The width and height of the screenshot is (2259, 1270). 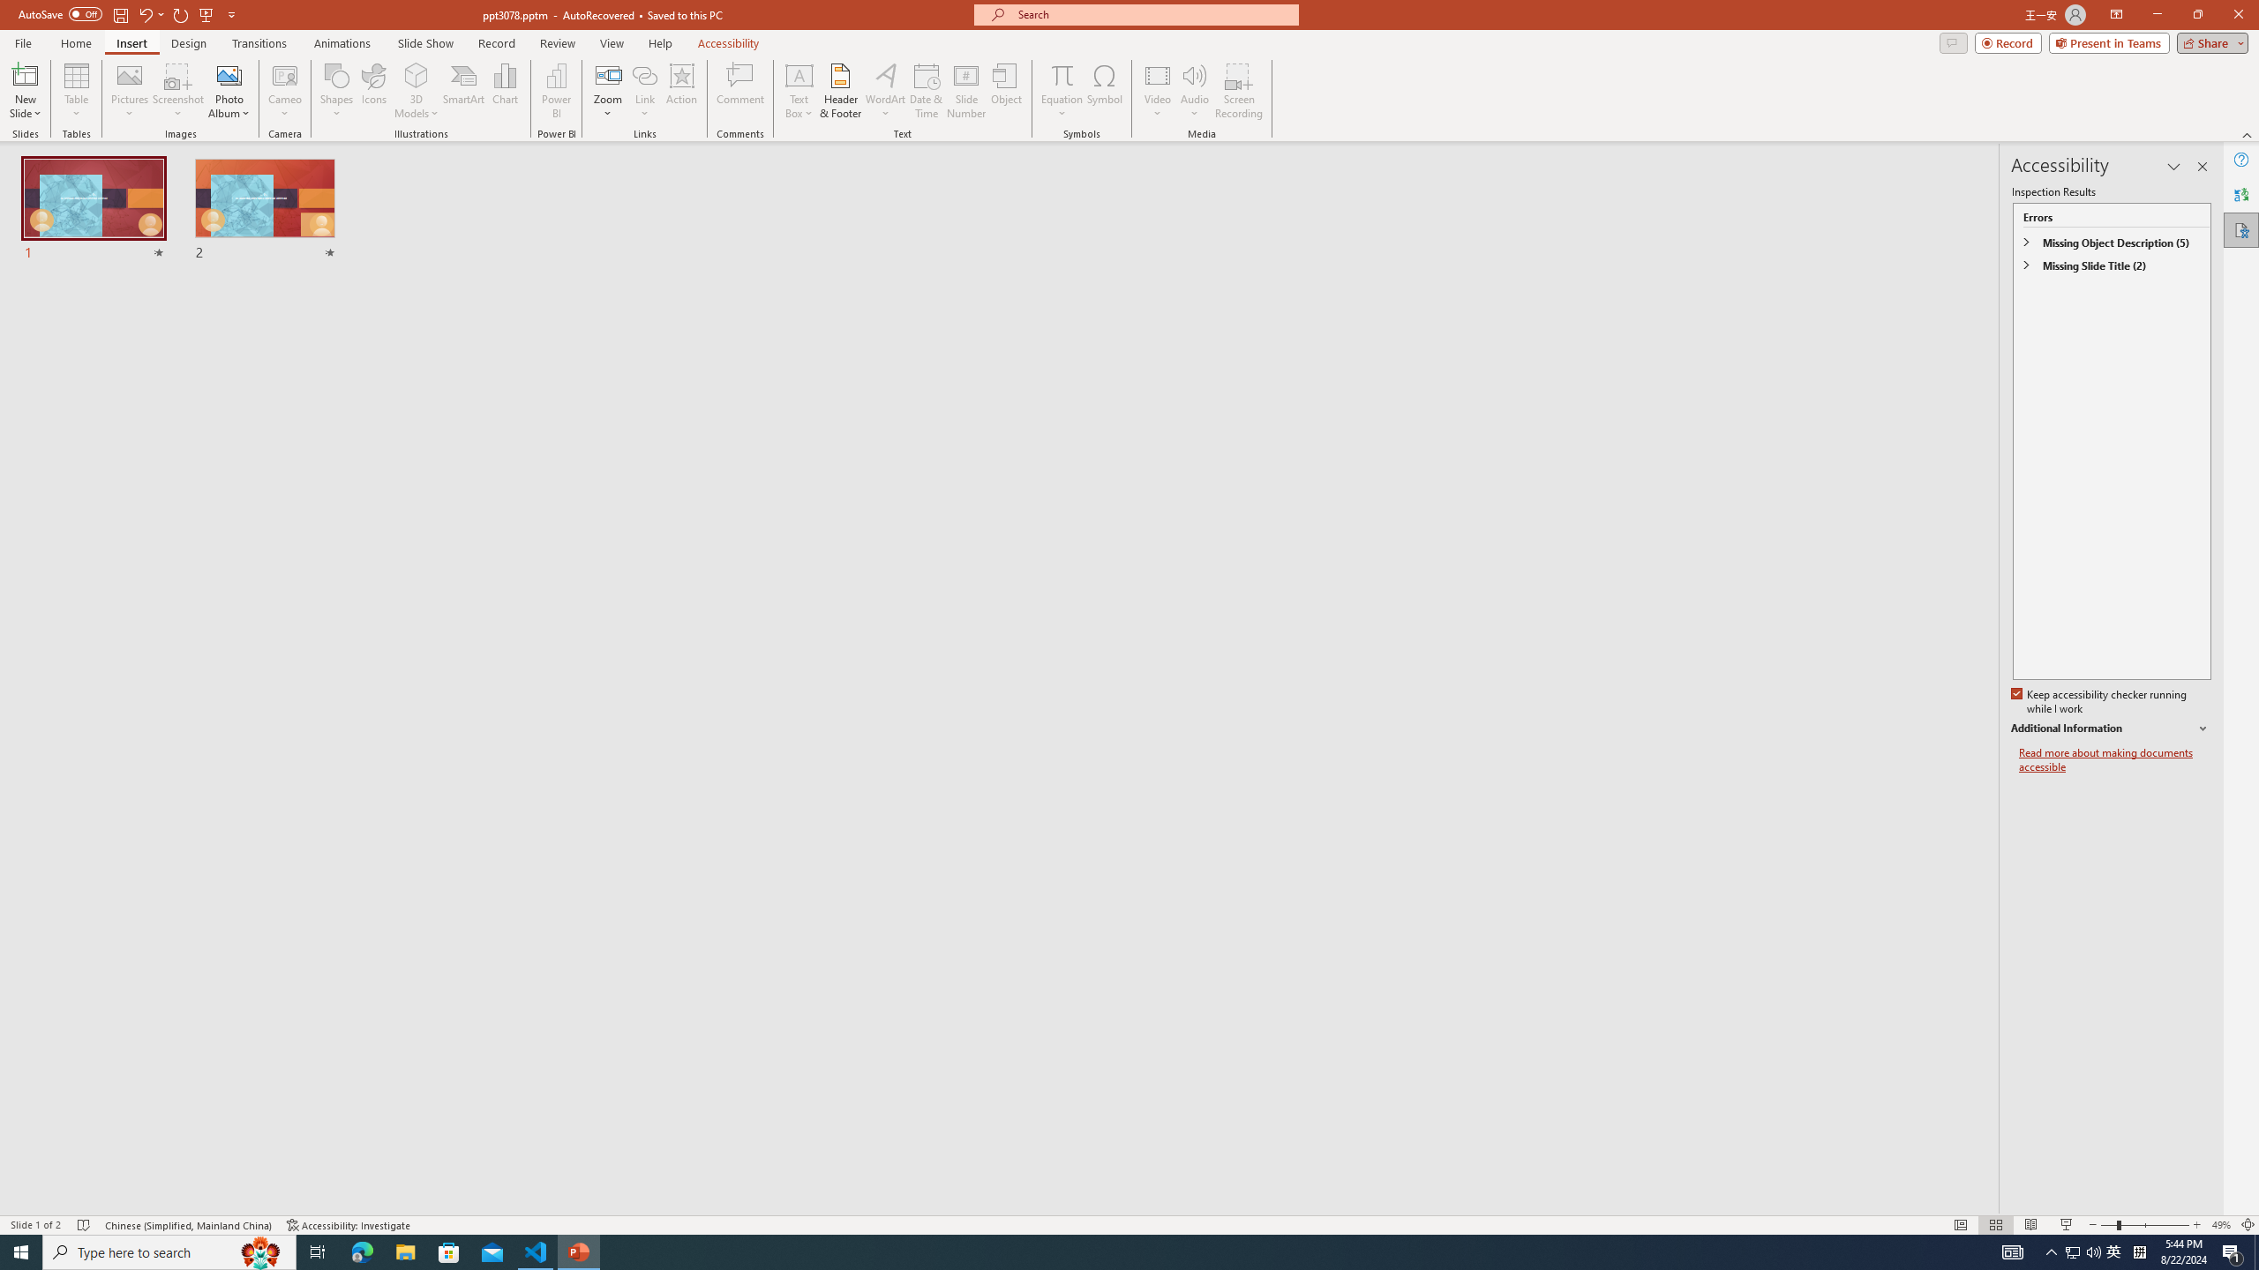 What do you see at coordinates (1061, 74) in the screenshot?
I see `'Equation'` at bounding box center [1061, 74].